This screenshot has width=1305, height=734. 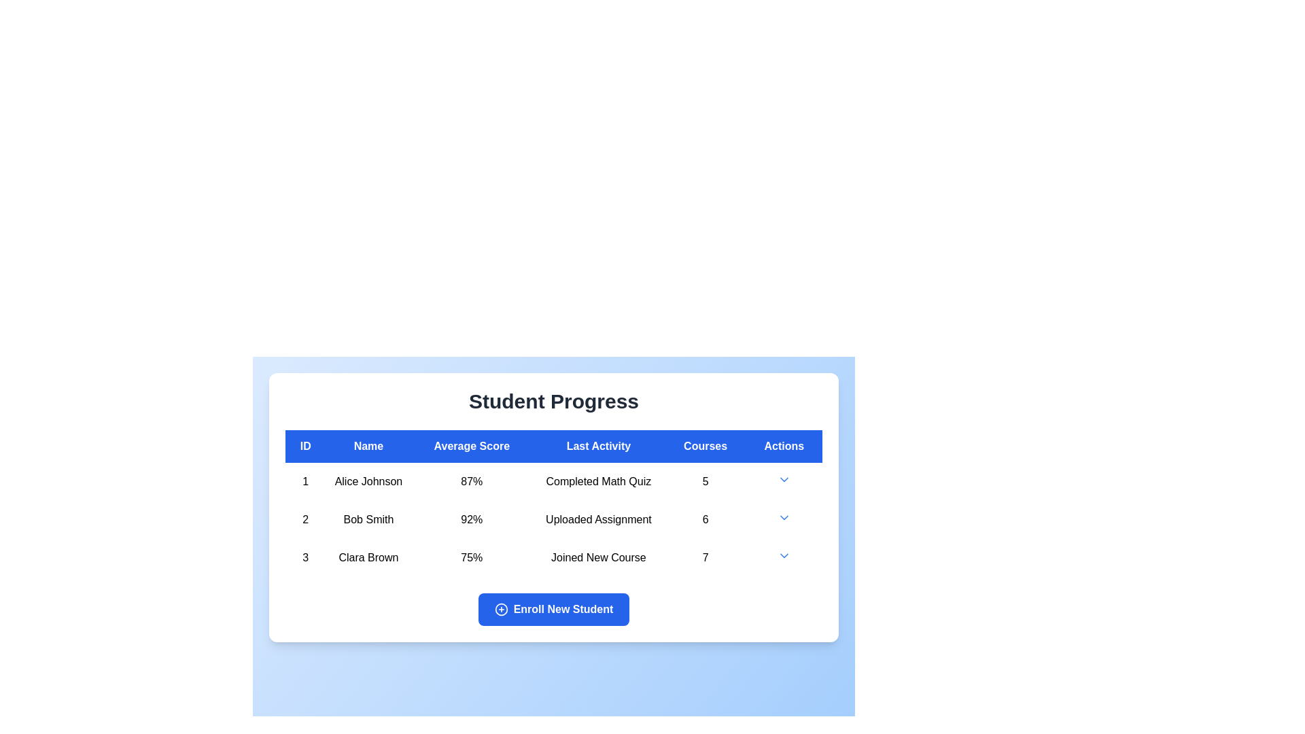 What do you see at coordinates (368, 558) in the screenshot?
I see `the text label displaying 'Clara Brown' in the second column of the third row of the table` at bounding box center [368, 558].